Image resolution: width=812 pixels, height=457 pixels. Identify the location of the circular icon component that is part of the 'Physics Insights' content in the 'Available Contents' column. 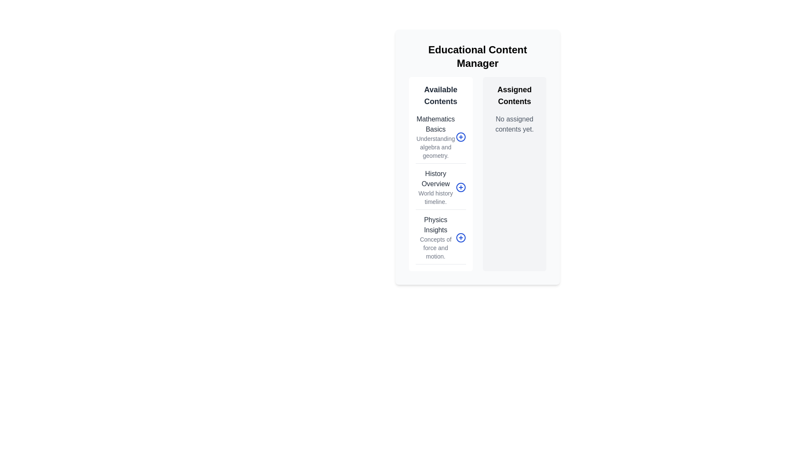
(460, 238).